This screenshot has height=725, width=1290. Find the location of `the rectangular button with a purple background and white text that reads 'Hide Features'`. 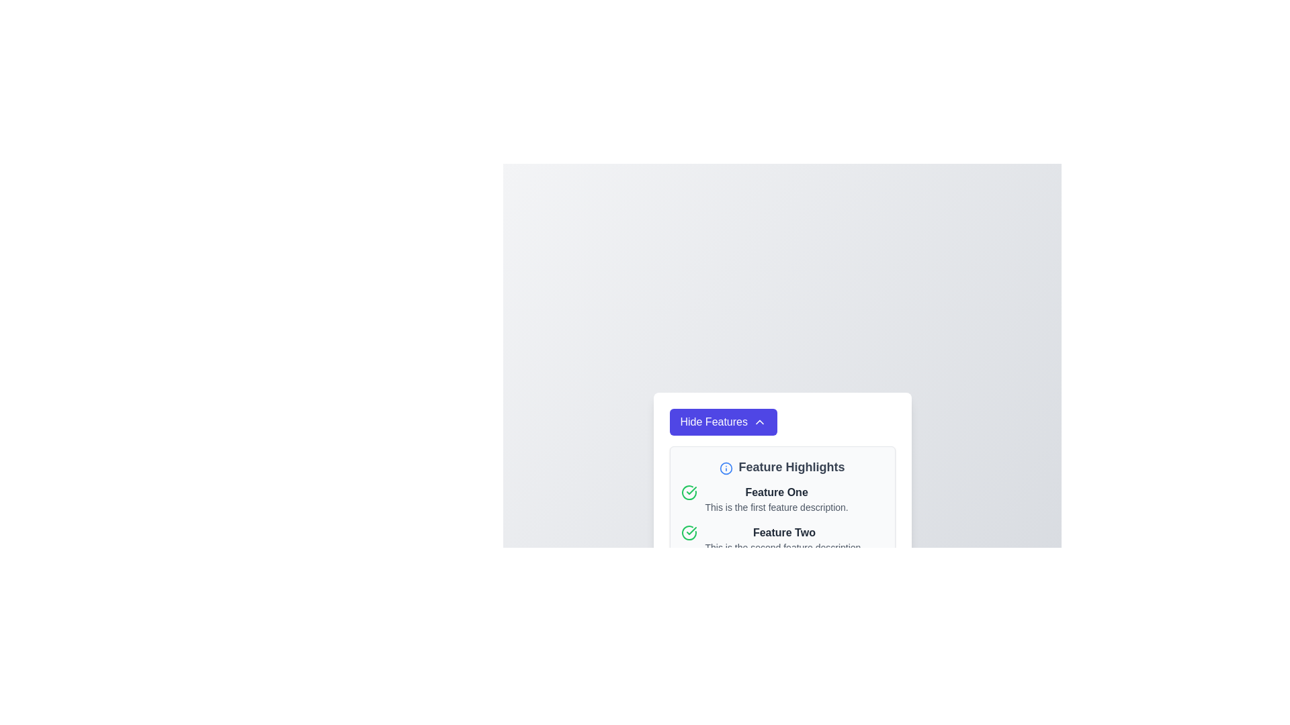

the rectangular button with a purple background and white text that reads 'Hide Features' is located at coordinates (722, 421).